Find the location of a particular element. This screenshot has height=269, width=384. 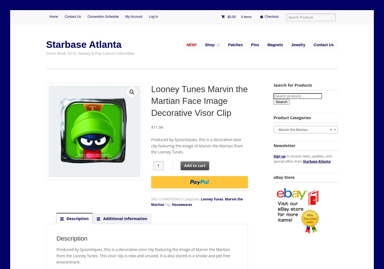

'eBay Store' is located at coordinates (273, 177).